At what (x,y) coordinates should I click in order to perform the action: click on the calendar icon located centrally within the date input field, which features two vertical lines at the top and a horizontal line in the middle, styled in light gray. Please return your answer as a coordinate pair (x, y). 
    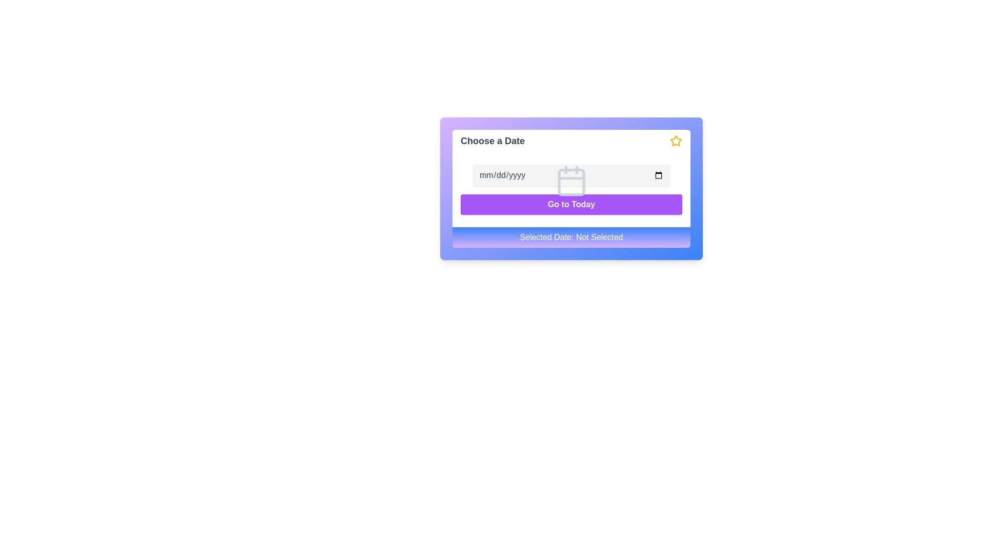
    Looking at the image, I should click on (570, 181).